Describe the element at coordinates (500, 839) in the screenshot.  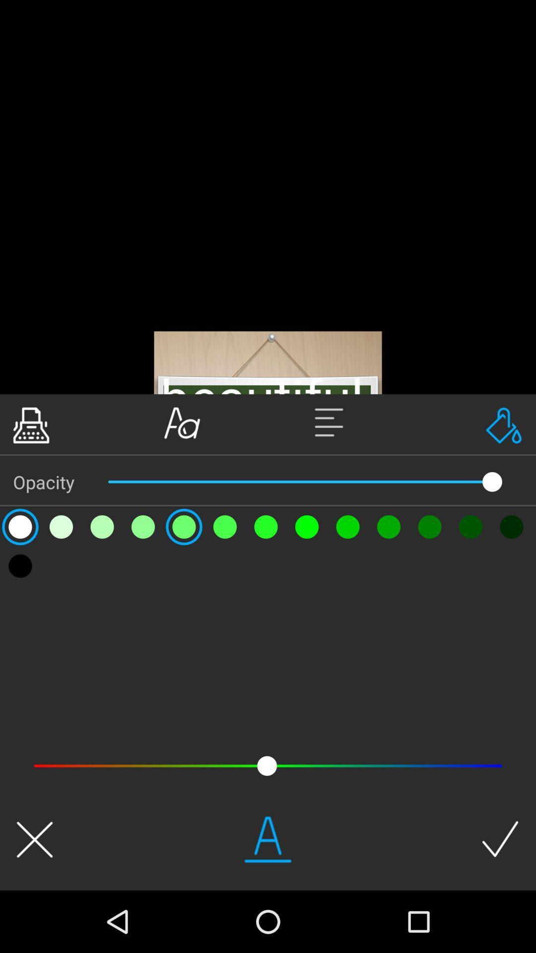
I see `the check icon` at that location.